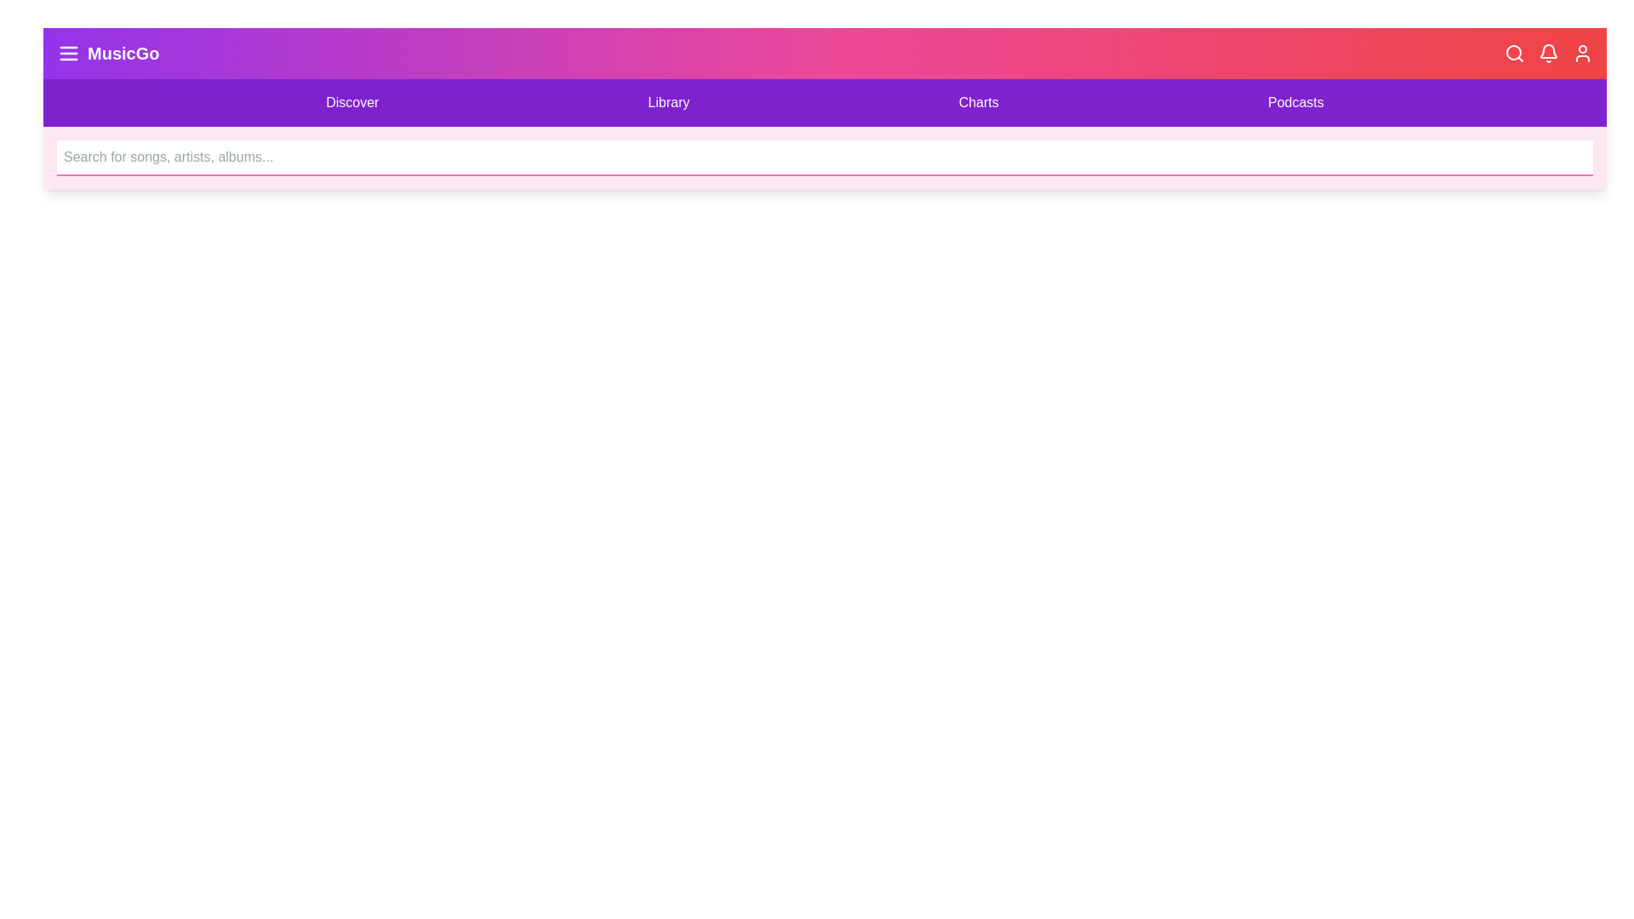  Describe the element at coordinates (668, 102) in the screenshot. I see `the 'Library' menu item to navigate to the Library section` at that location.